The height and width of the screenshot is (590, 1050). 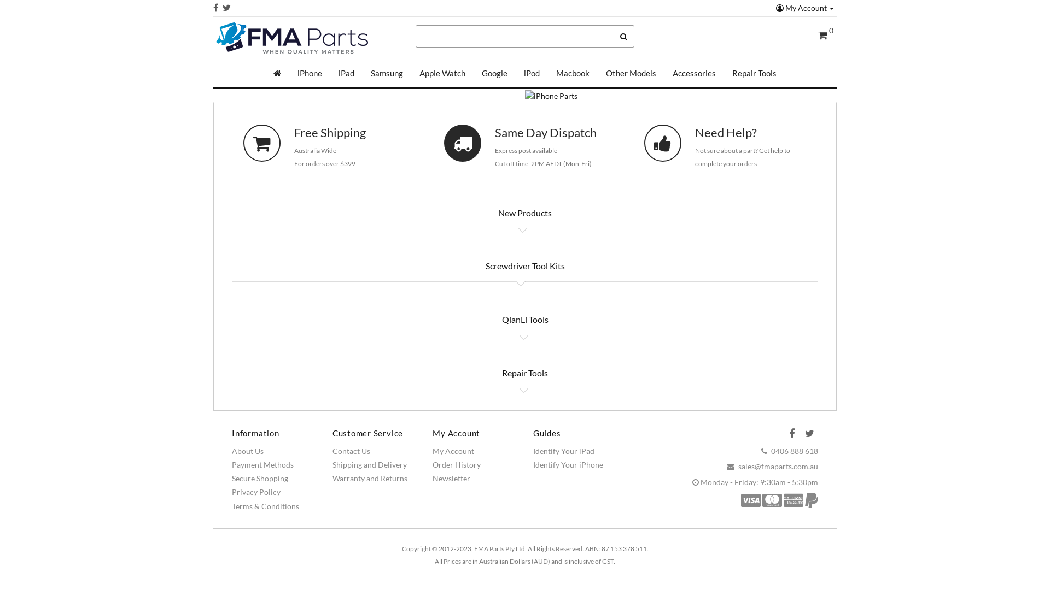 What do you see at coordinates (597, 73) in the screenshot?
I see `'Other Models'` at bounding box center [597, 73].